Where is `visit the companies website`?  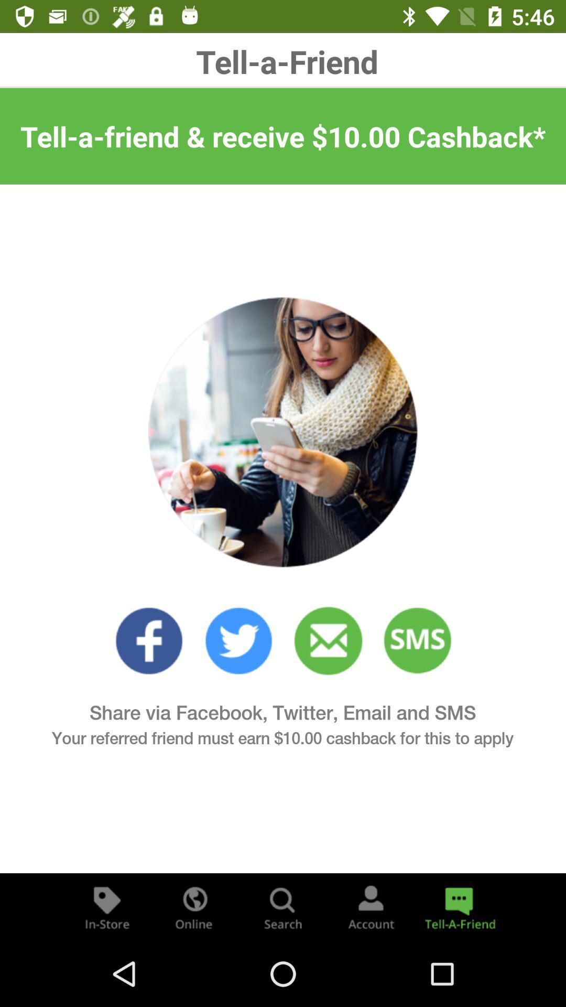
visit the companies website is located at coordinates (194, 906).